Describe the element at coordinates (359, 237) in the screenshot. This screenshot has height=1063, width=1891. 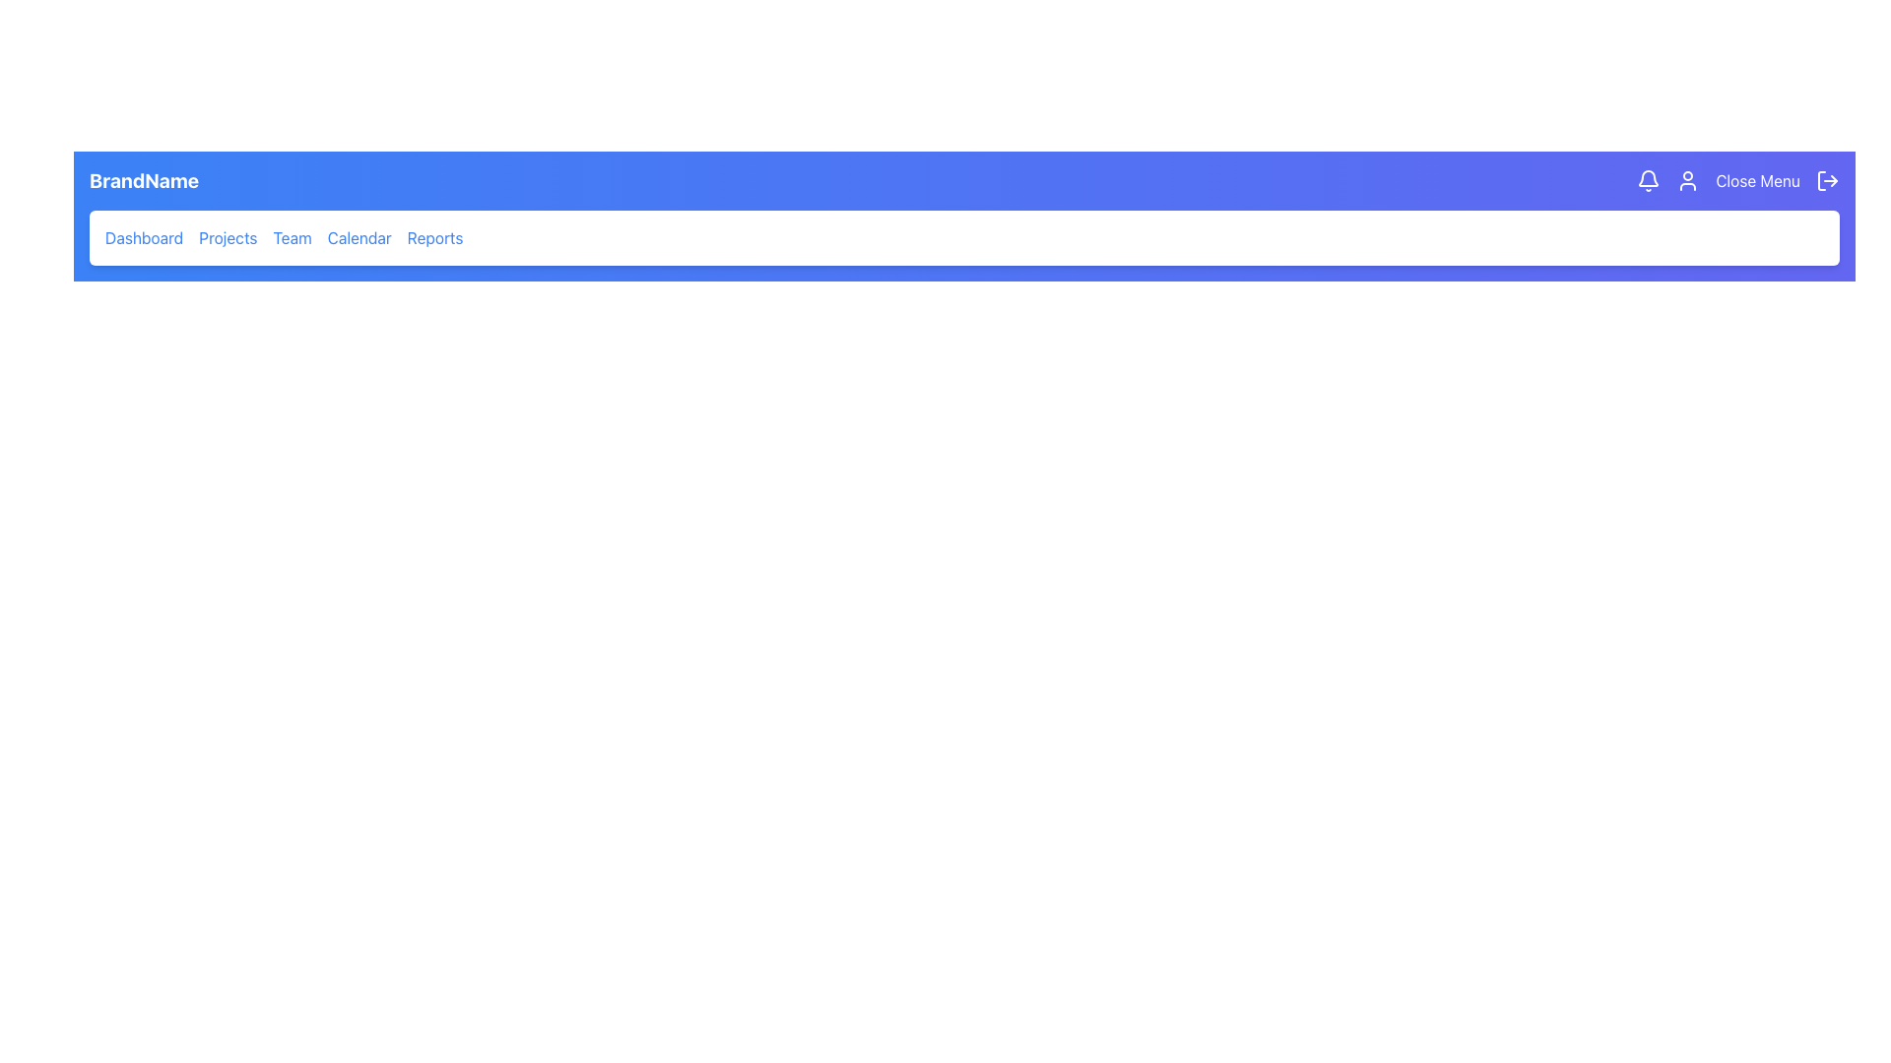
I see `the 'Calendar' link in the navigation bar to observe the visual style change, which includes a blue font color and an underline effect upon hovering` at that location.